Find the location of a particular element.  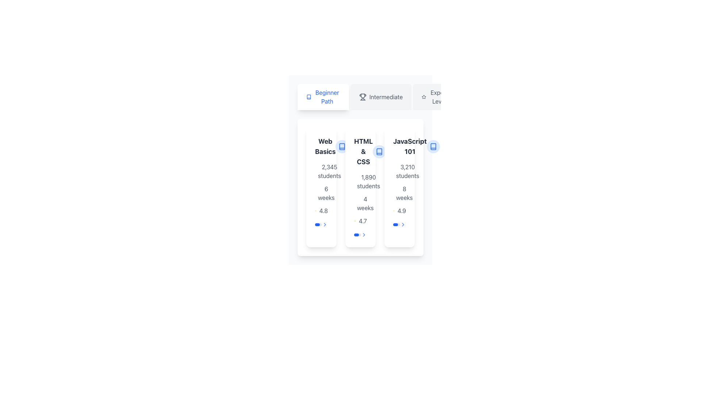

the informational label displaying the course duration '8 weeks' in the JavaScript 101 card, located in the third column beneath '3,210 students' and above the rating '4.9' is located at coordinates (399, 193).